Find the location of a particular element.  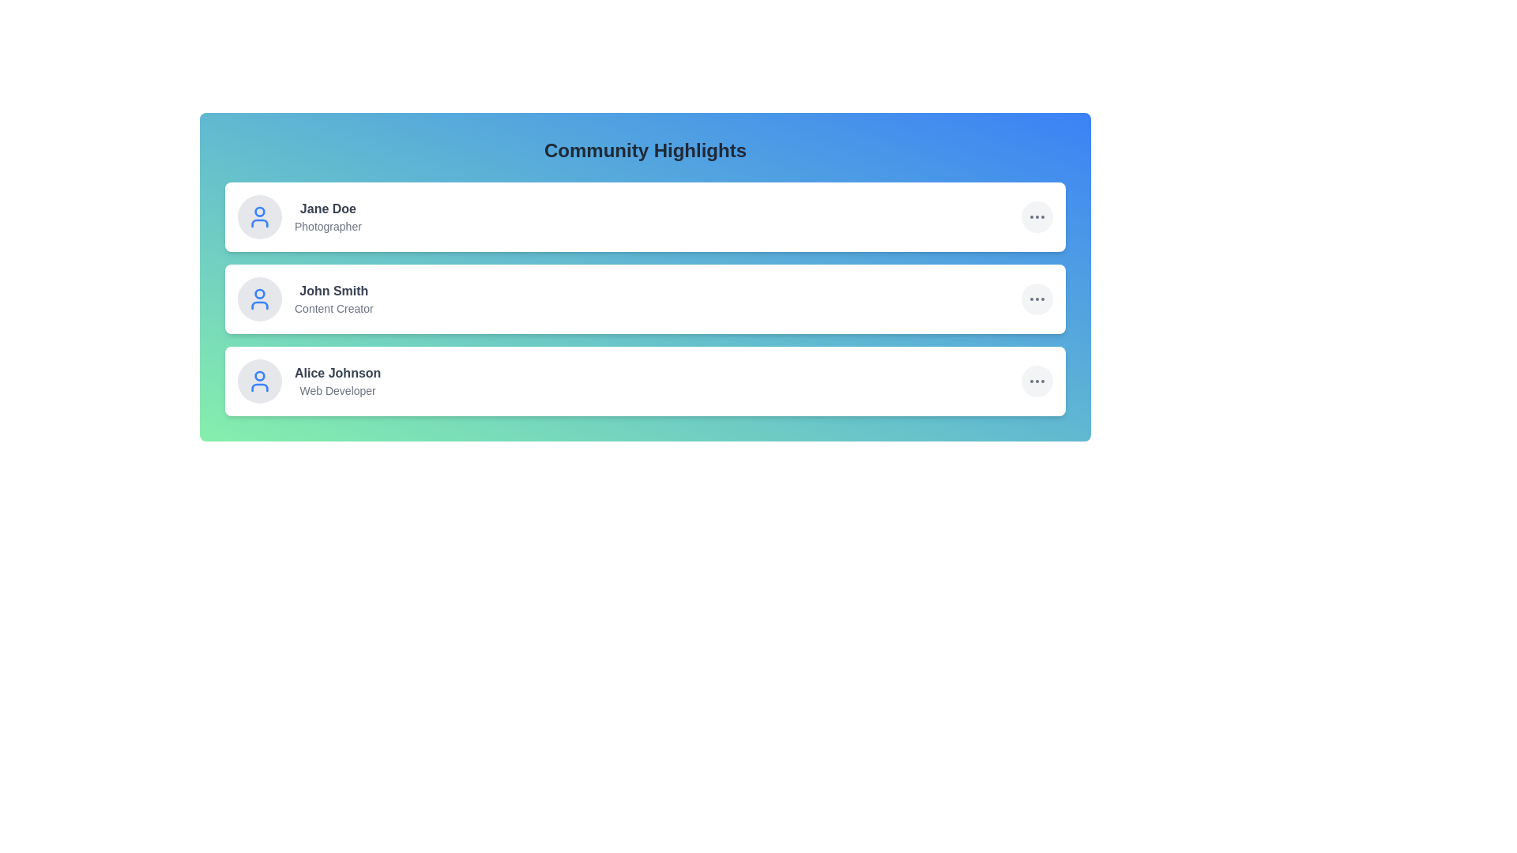

displayed text from the Text Display element located in the third row of the Community Highlights section, adjacent to the user avatar circle is located at coordinates (337, 381).